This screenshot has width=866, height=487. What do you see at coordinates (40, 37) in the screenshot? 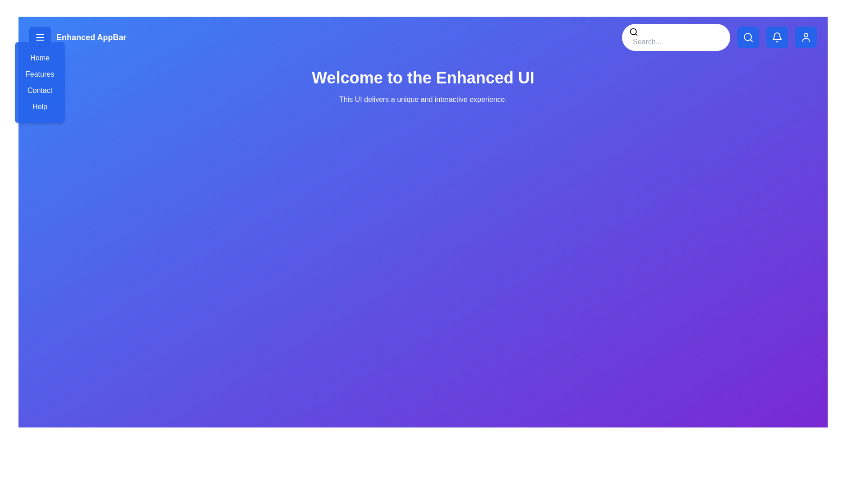
I see `the menu button to toggle the menu visibility` at bounding box center [40, 37].